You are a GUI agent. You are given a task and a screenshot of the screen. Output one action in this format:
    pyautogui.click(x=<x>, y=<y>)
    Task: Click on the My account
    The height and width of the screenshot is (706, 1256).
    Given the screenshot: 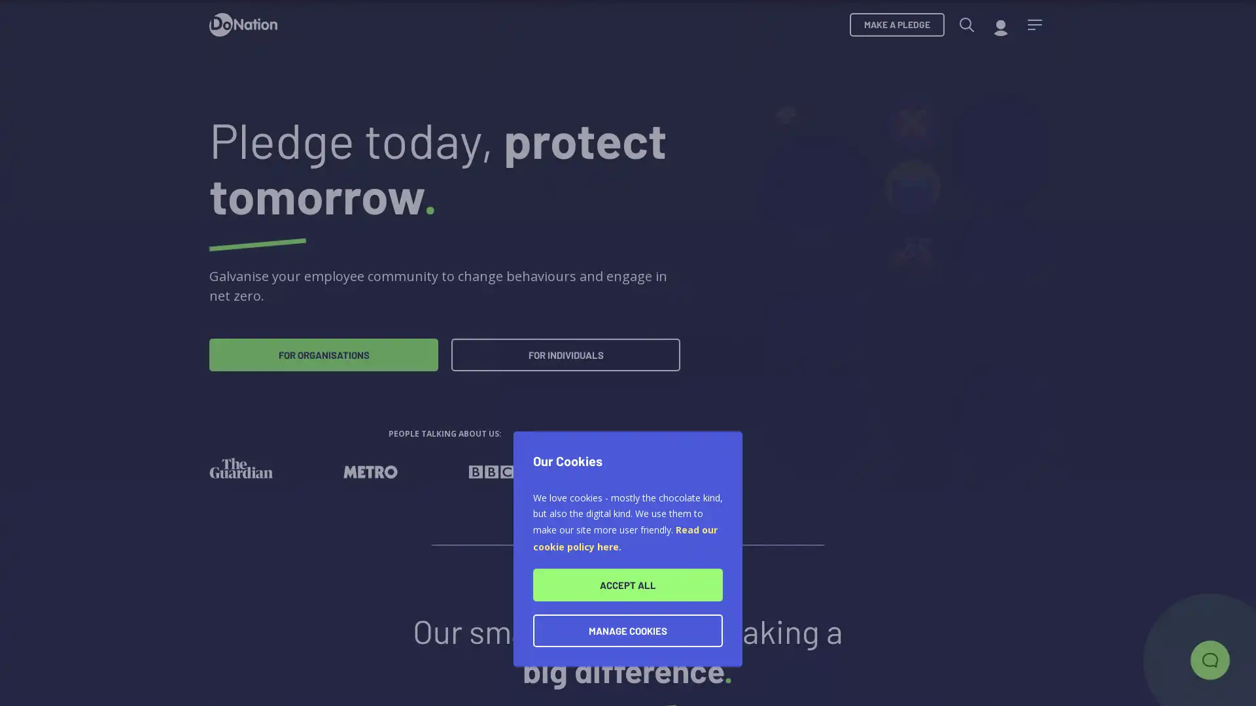 What is the action you would take?
    pyautogui.click(x=1000, y=25)
    